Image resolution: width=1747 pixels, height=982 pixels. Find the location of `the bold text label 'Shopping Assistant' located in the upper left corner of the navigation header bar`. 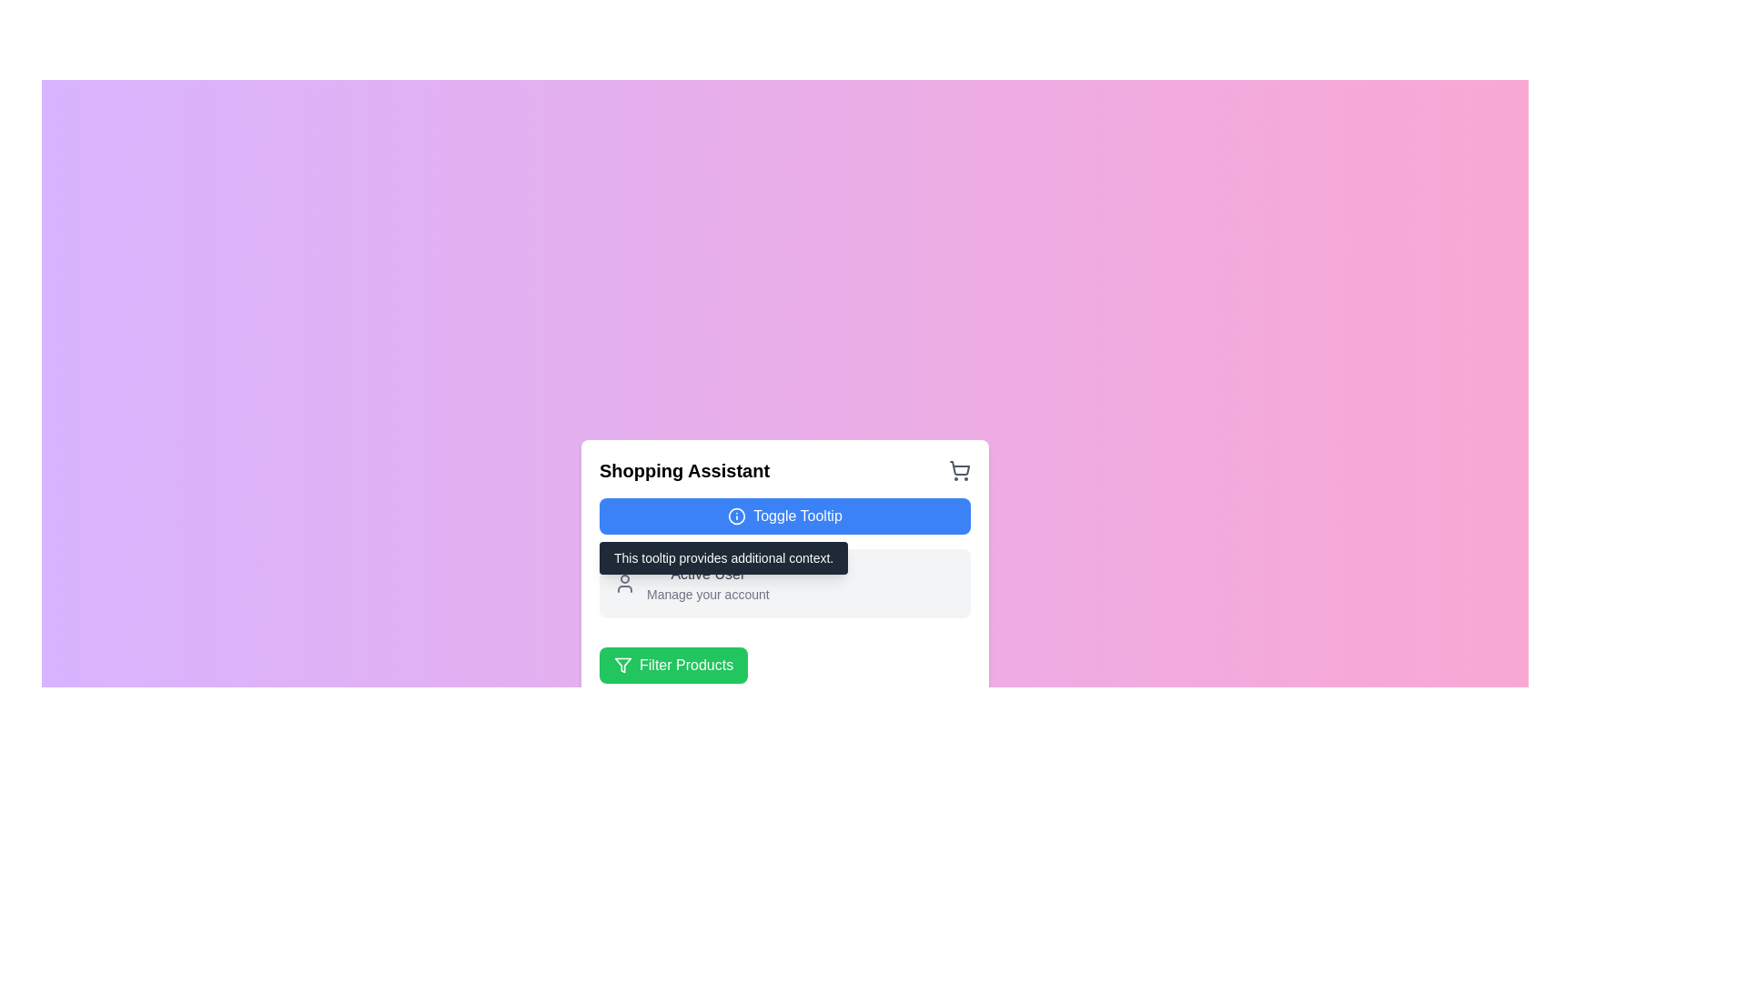

the bold text label 'Shopping Assistant' located in the upper left corner of the navigation header bar is located at coordinates (683, 469).